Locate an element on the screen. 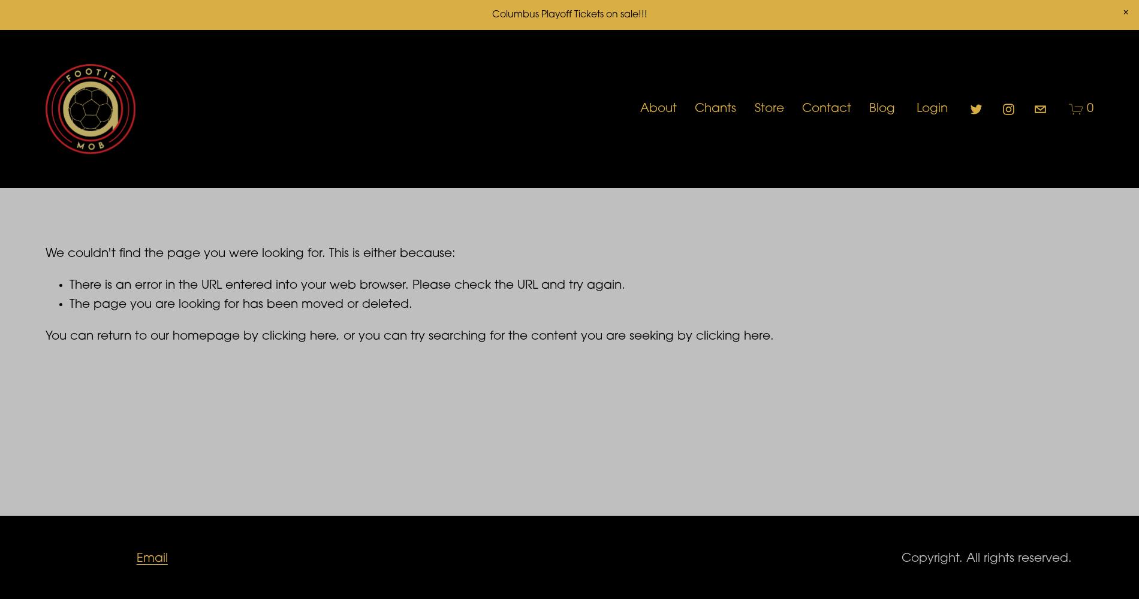 This screenshot has width=1139, height=599. 'Email' is located at coordinates (151, 559).